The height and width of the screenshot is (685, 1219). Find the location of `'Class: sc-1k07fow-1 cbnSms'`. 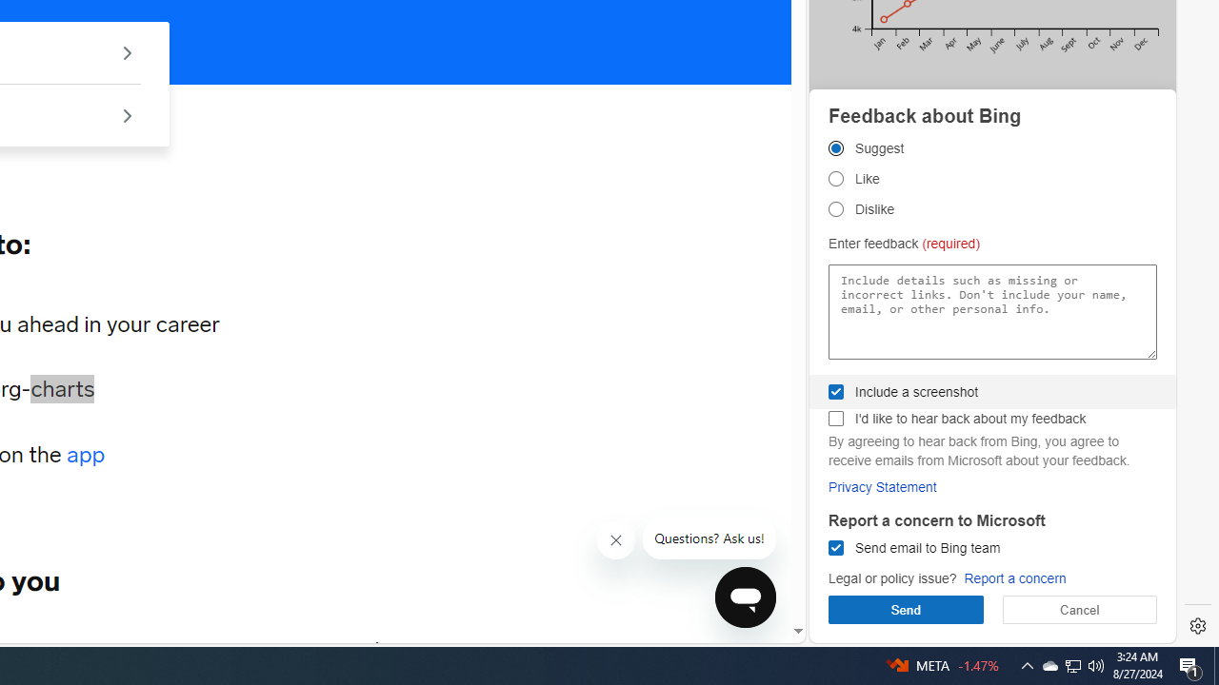

'Class: sc-1k07fow-1 cbnSms' is located at coordinates (744, 596).